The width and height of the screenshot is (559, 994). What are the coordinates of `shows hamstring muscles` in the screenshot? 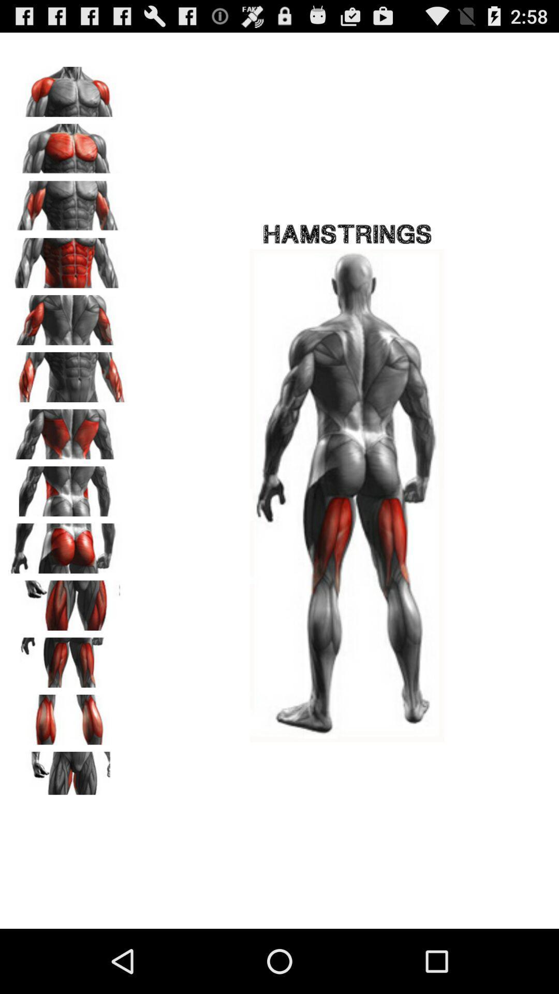 It's located at (68, 431).